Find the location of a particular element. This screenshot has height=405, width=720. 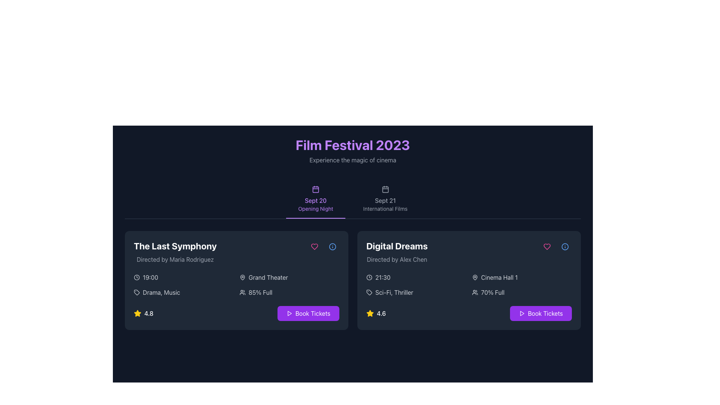

the decorative star icon representing the rating system for 'The Last Symphony', located next to the numerical rating value at the bottom-left corner of the card is located at coordinates (137, 313).